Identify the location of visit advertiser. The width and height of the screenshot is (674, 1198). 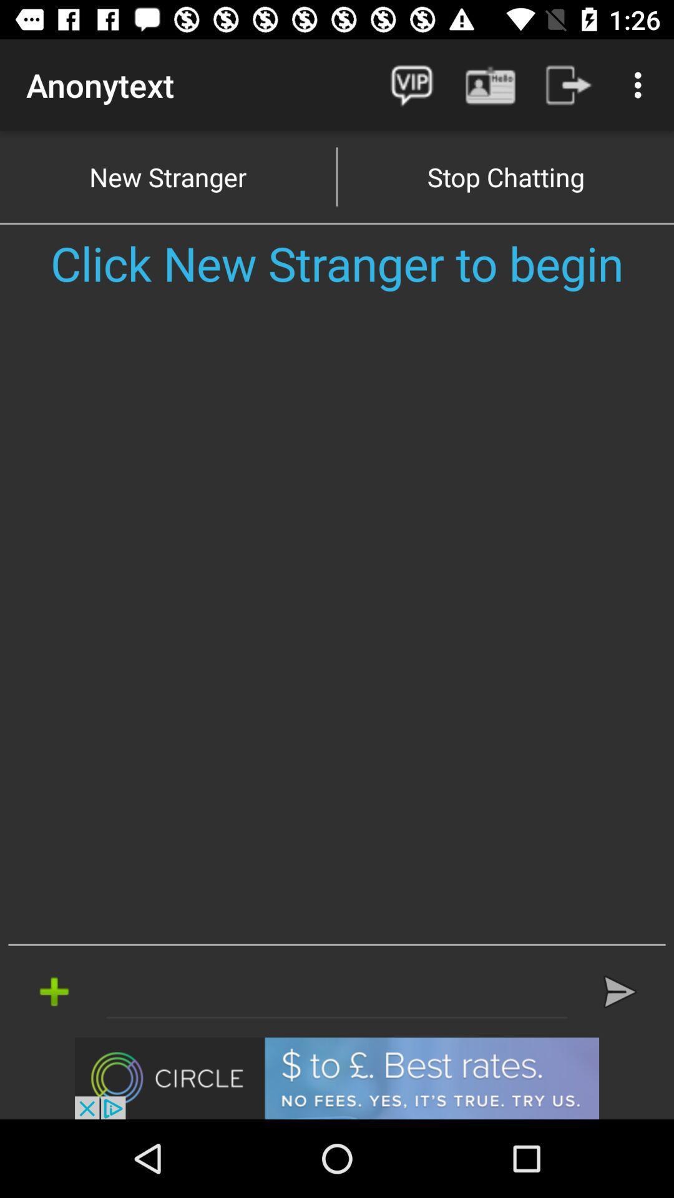
(337, 1078).